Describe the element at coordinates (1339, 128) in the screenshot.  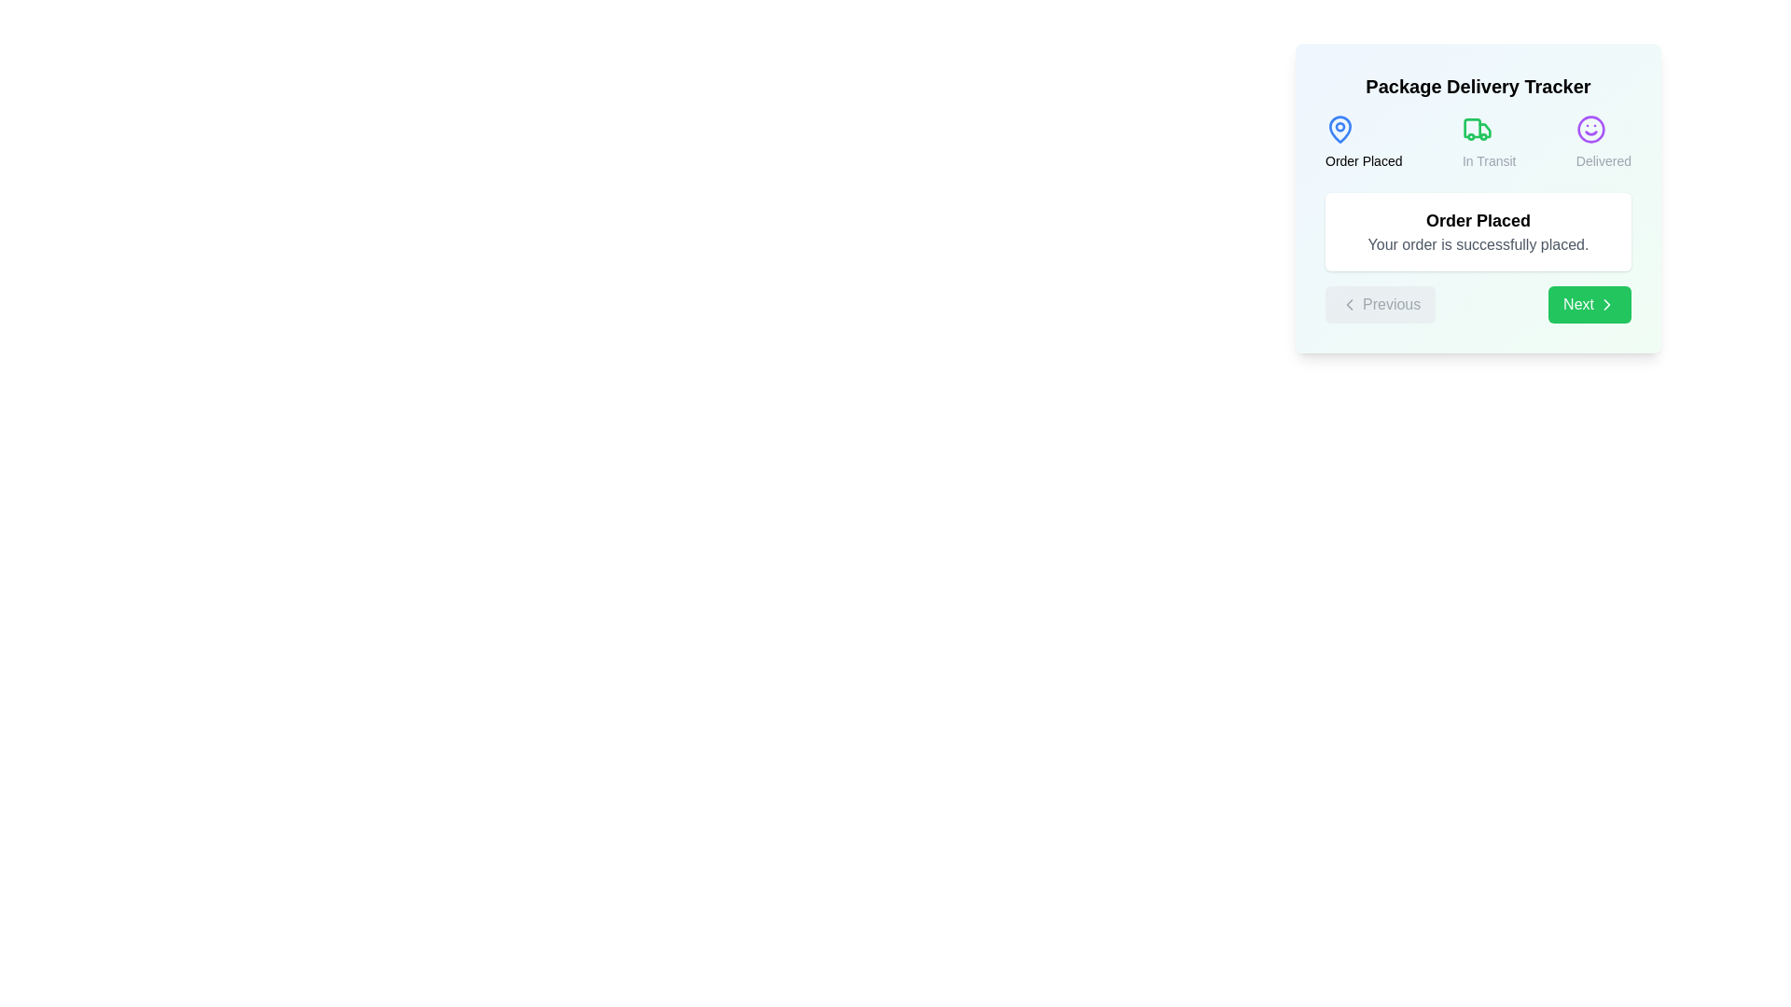
I see `the step icon corresponding to Order Placed to view its tooltip` at that location.